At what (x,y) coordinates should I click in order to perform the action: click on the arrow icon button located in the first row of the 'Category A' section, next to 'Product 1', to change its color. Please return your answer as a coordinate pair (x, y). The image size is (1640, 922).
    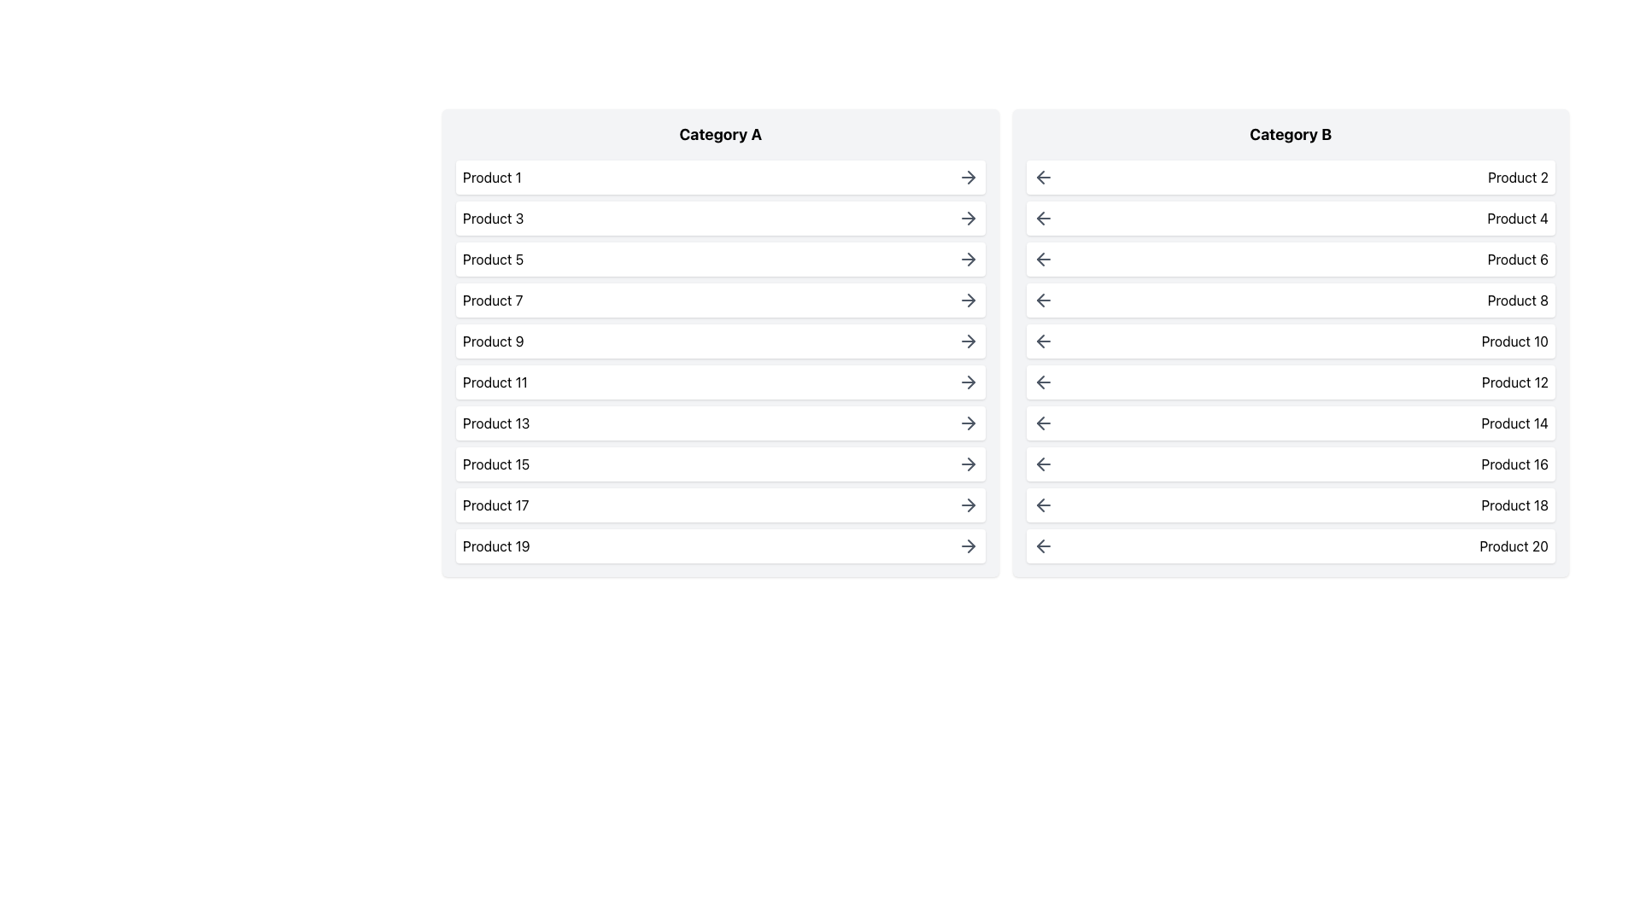
    Looking at the image, I should click on (968, 178).